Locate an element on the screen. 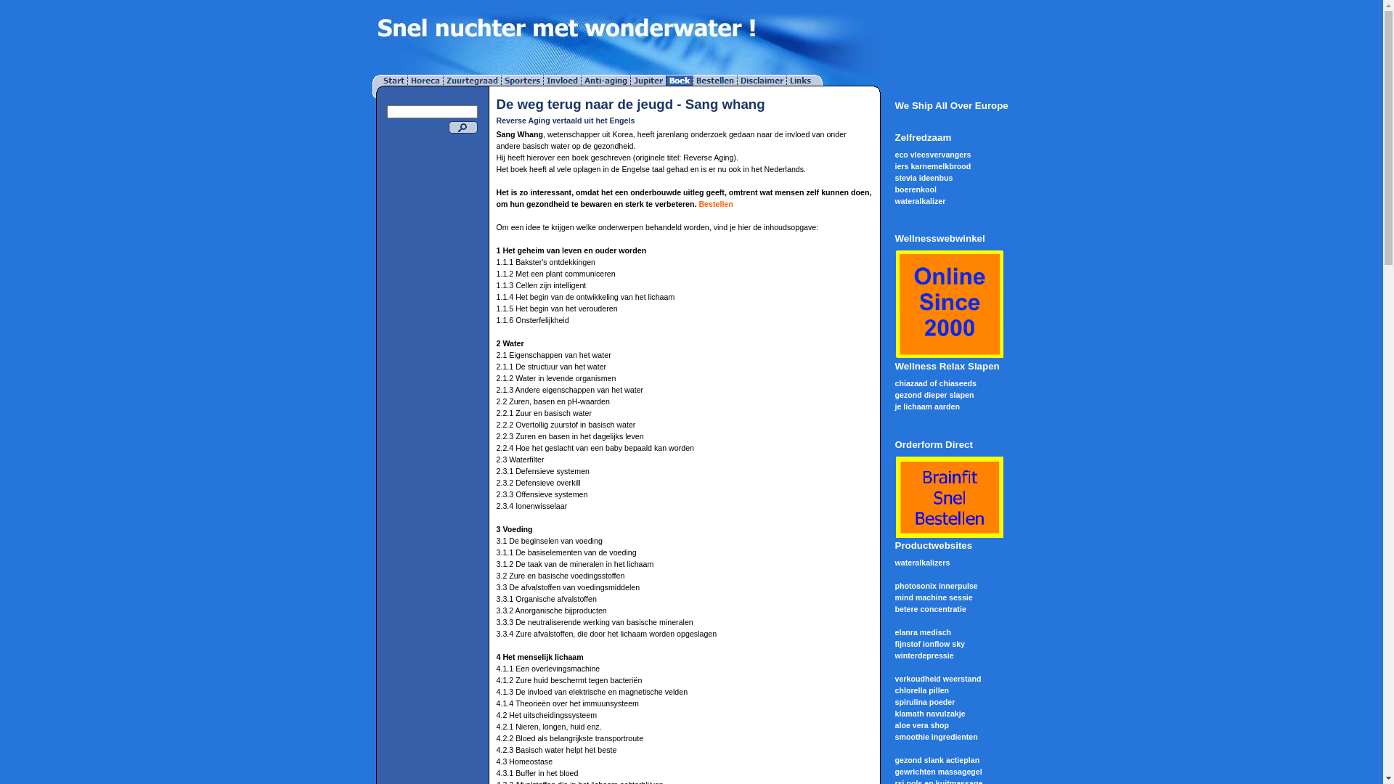  'gezond slank actieplan' is located at coordinates (937, 759).